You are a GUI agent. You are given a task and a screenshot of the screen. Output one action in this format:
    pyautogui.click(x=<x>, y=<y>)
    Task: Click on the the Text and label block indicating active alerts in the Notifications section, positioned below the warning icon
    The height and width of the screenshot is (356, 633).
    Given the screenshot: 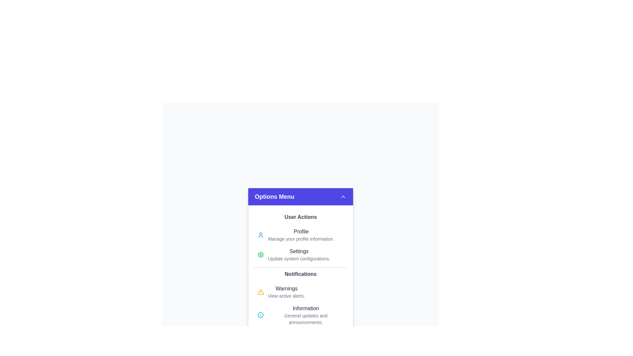 What is the action you would take?
    pyautogui.click(x=286, y=292)
    